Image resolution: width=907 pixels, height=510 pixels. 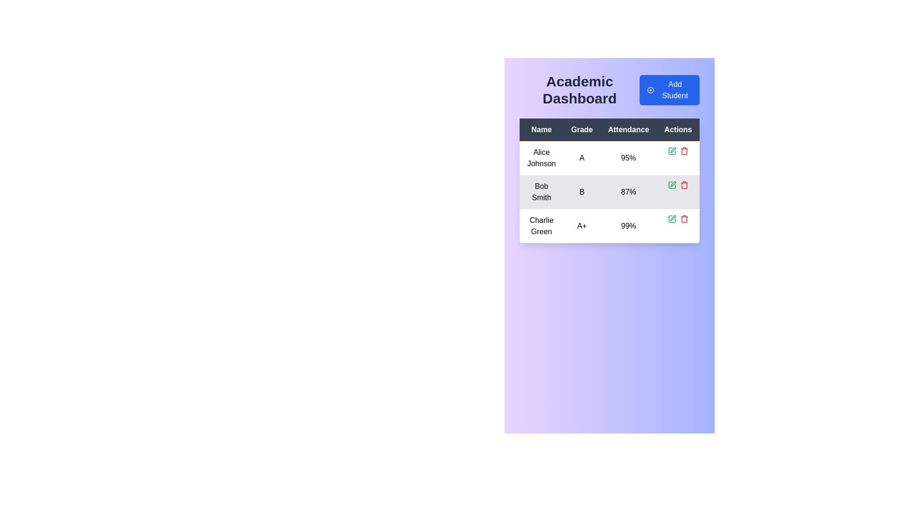 I want to click on the Table Header Row element, so click(x=609, y=129).